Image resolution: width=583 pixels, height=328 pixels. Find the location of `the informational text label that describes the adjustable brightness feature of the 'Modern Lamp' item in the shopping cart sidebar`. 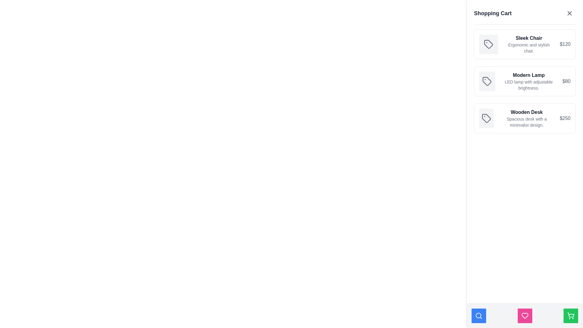

the informational text label that describes the adjustable brightness feature of the 'Modern Lamp' item in the shopping cart sidebar is located at coordinates (528, 85).